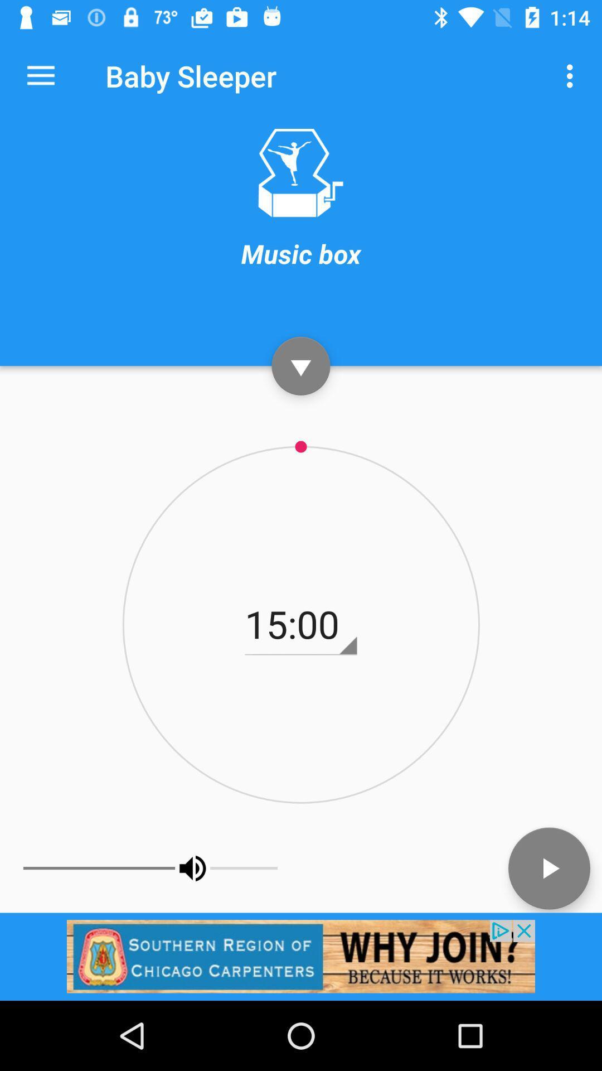  Describe the element at coordinates (548, 867) in the screenshot. I see `the play icon` at that location.